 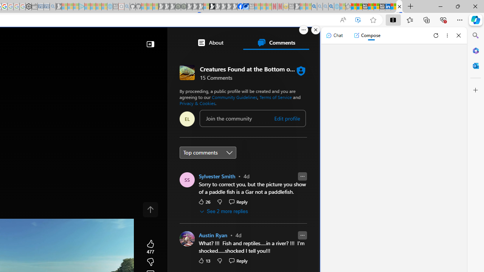 What do you see at coordinates (234, 96) in the screenshot?
I see `'Community Guidelines'` at bounding box center [234, 96].